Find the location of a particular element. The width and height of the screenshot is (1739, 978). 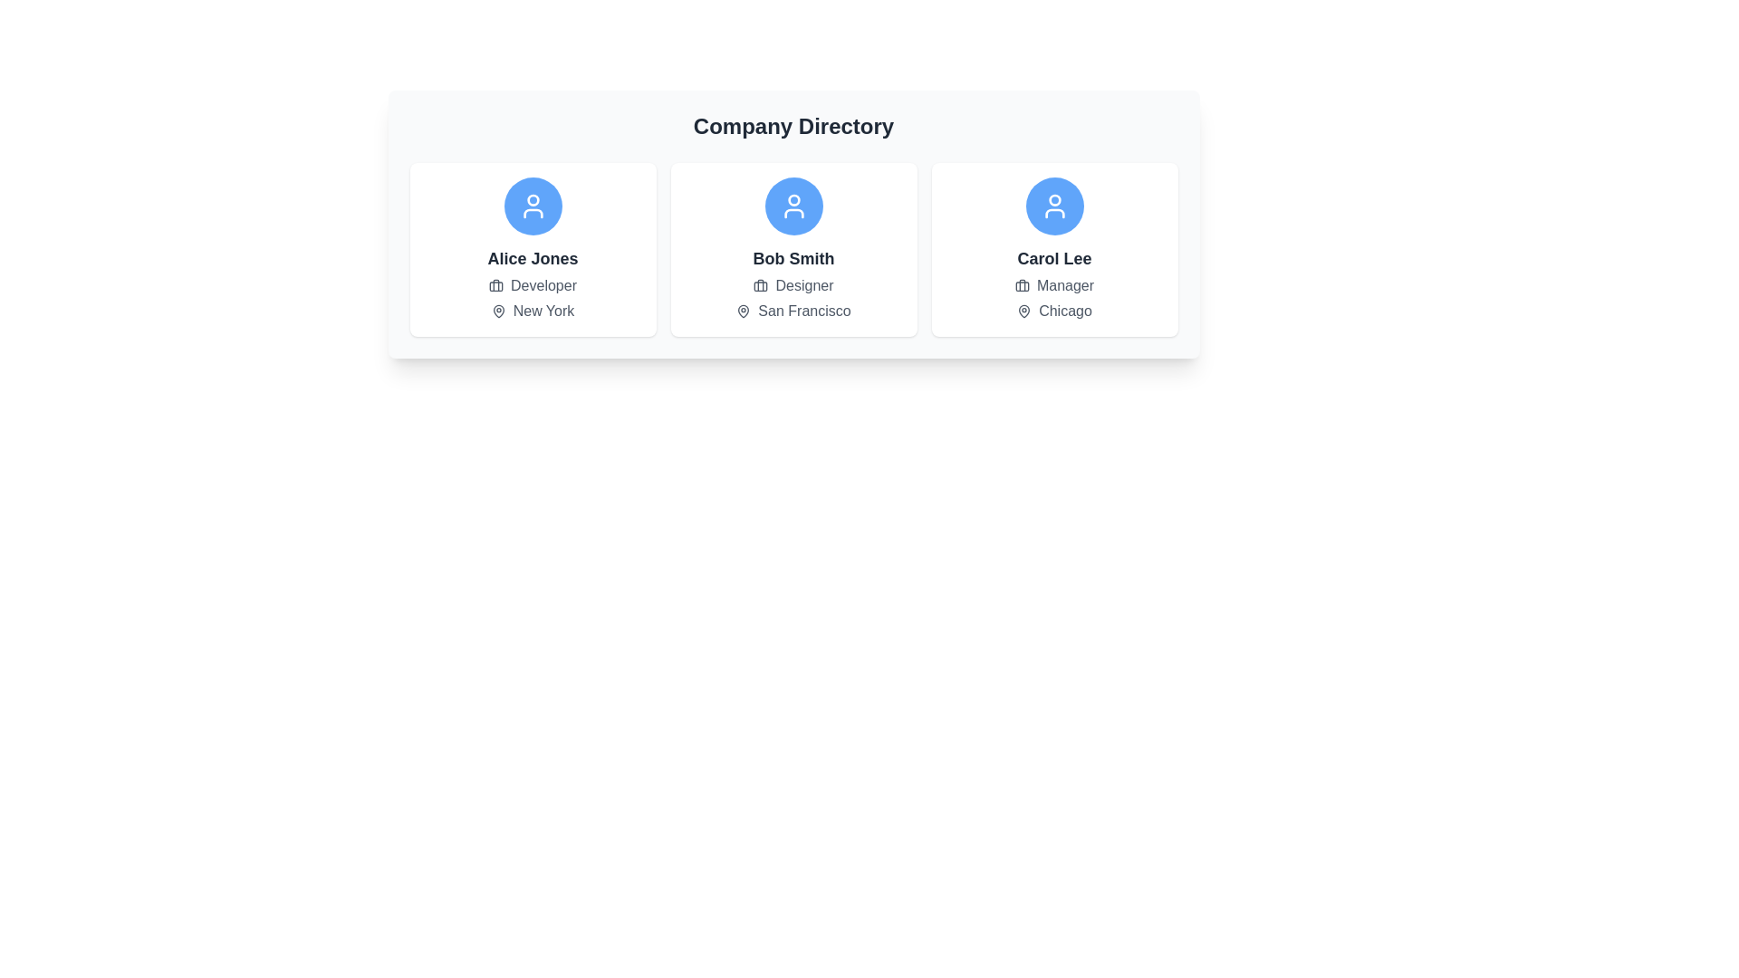

SVG graphic element that represents the lower portion of a user silhouette icon using developer tools is located at coordinates (1054, 212).